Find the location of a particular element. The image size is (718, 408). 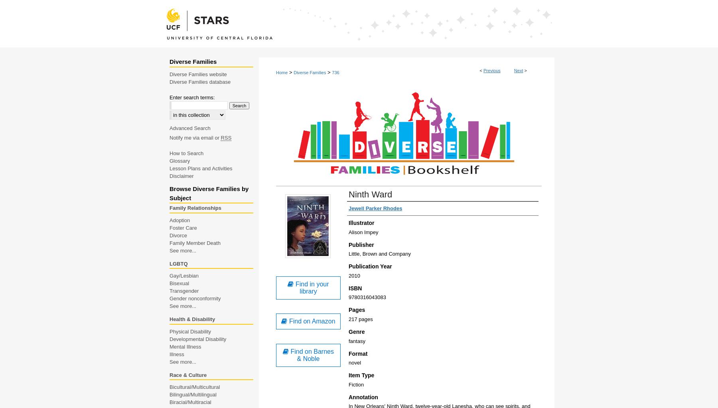

'Divorce' is located at coordinates (178, 235).